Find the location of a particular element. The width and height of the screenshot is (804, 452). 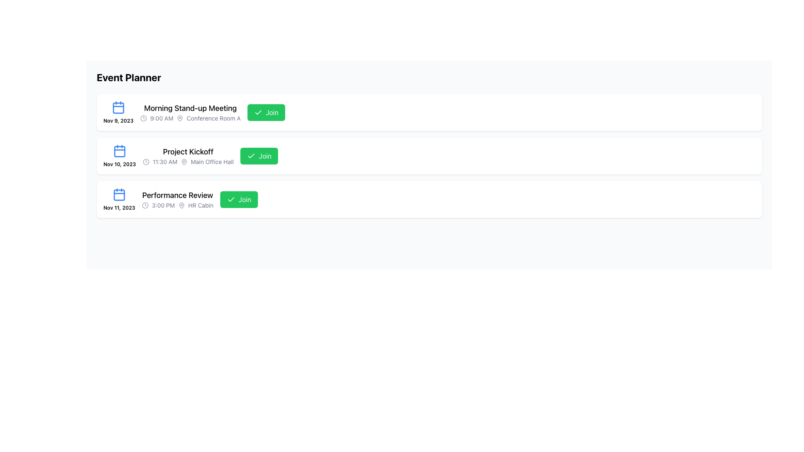

information displayed in the text block containing '11:30 AM Main Office Hall' beneath the 'Project Kickoff' heading, which includes icons indicating time and location is located at coordinates (188, 162).